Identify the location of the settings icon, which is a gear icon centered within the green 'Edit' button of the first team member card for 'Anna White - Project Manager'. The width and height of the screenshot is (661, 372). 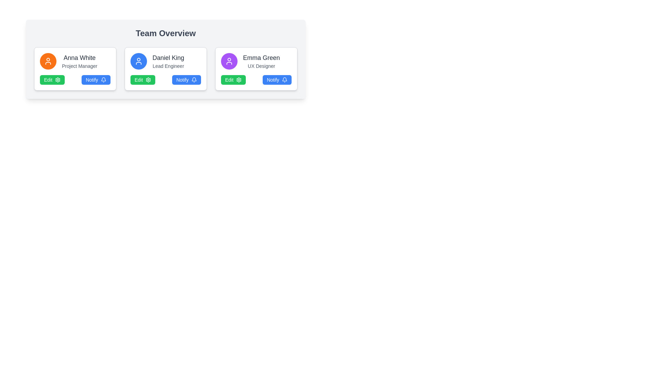
(58, 79).